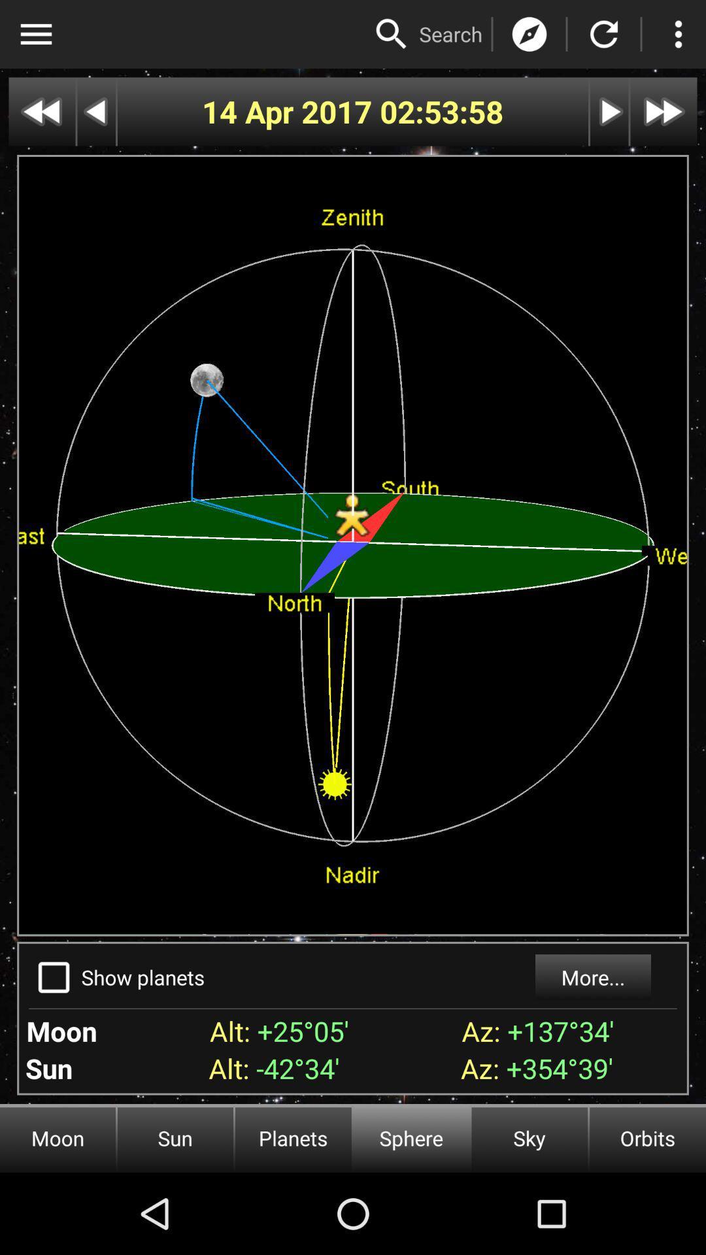  I want to click on replay selection, so click(604, 34).